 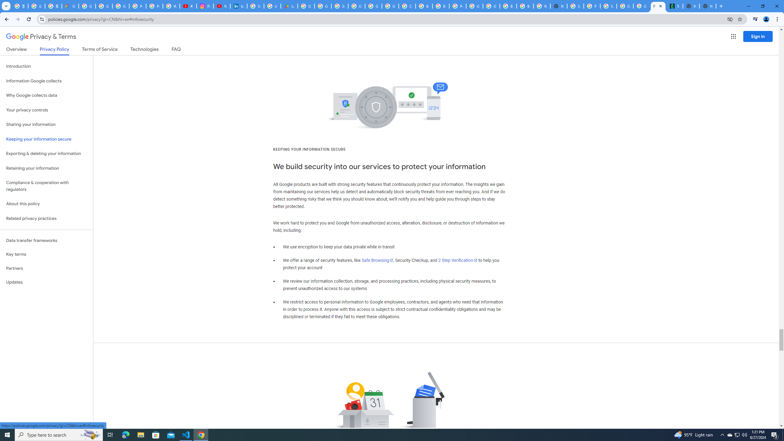 I want to click on 'Sharing your information', so click(x=46, y=124).